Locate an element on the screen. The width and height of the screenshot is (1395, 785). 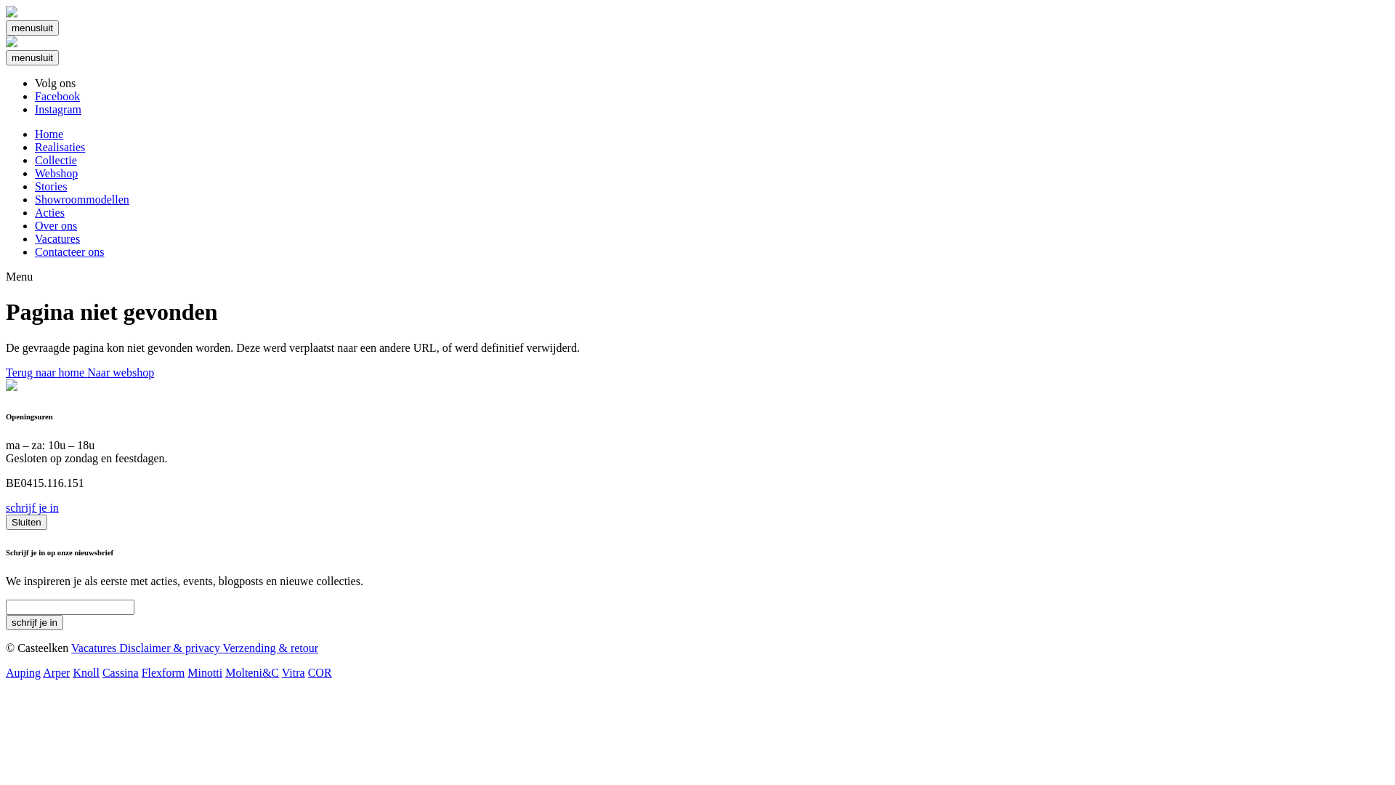
'COR' is located at coordinates (307, 672).